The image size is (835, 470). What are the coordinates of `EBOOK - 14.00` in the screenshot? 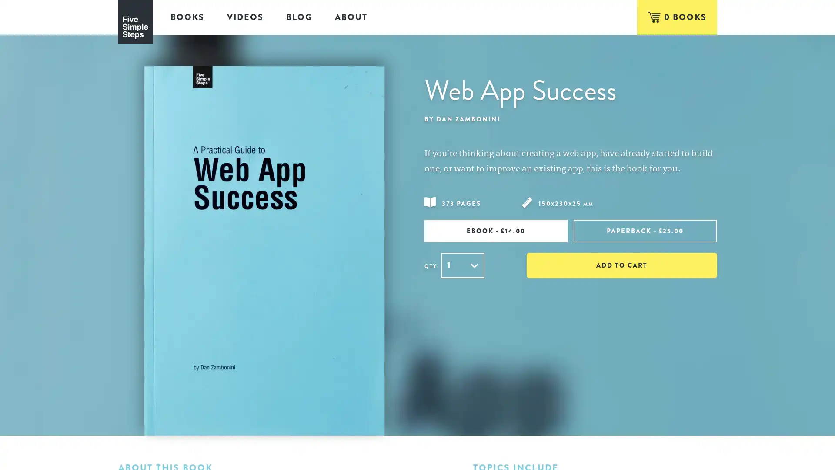 It's located at (496, 230).